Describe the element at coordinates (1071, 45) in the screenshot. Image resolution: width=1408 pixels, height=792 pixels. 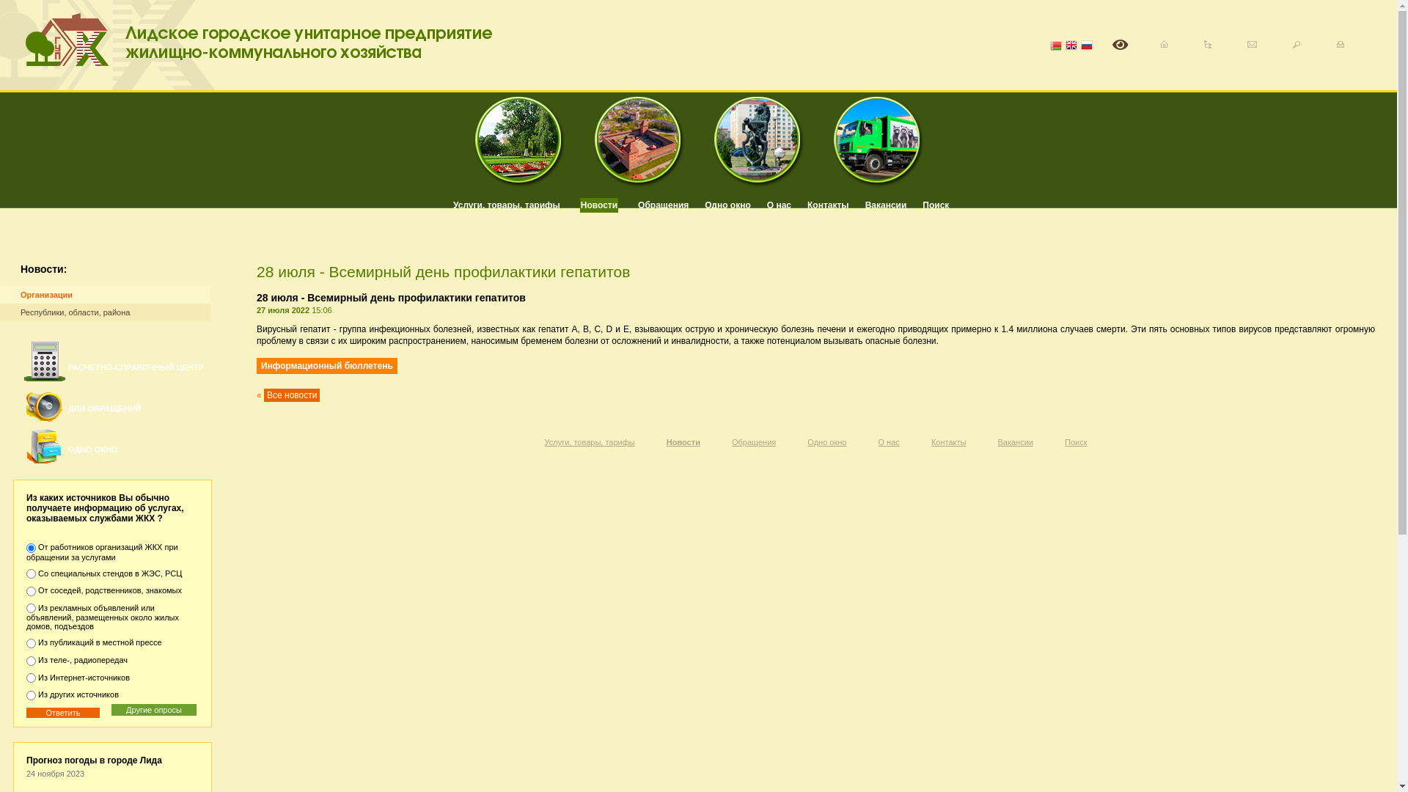
I see `'English'` at that location.